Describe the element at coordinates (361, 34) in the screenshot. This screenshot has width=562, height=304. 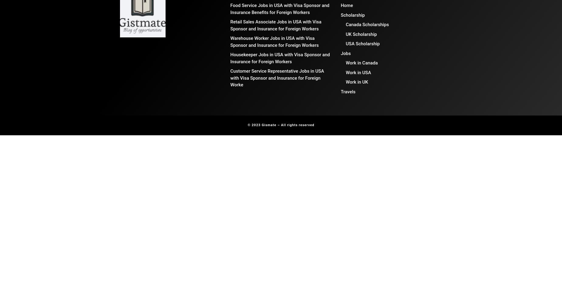
I see `'UK Scholarship'` at that location.